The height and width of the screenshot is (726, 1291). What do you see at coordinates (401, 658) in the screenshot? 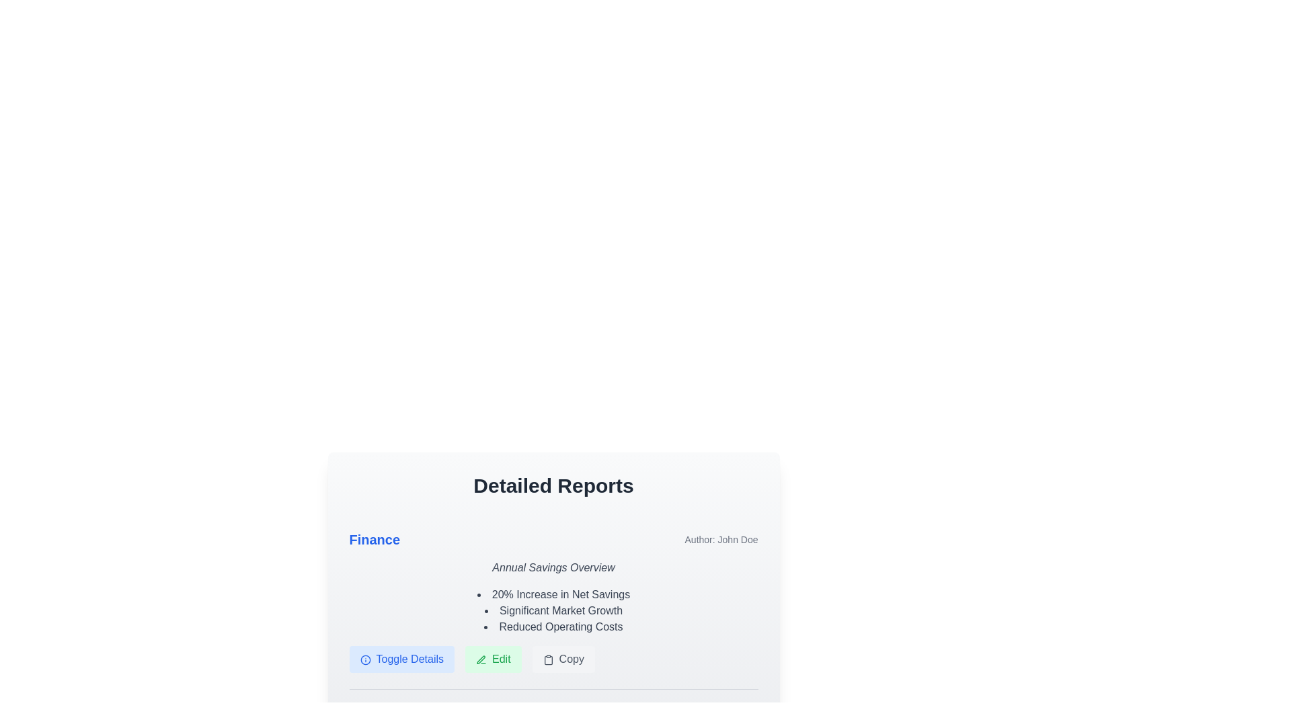
I see `the first button in the bottom-left section of the card layout` at bounding box center [401, 658].